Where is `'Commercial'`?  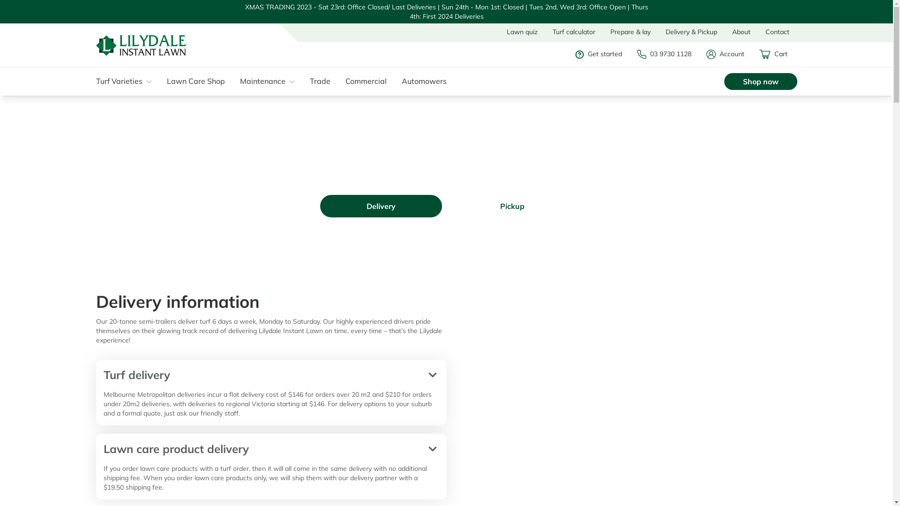 'Commercial' is located at coordinates (370, 81).